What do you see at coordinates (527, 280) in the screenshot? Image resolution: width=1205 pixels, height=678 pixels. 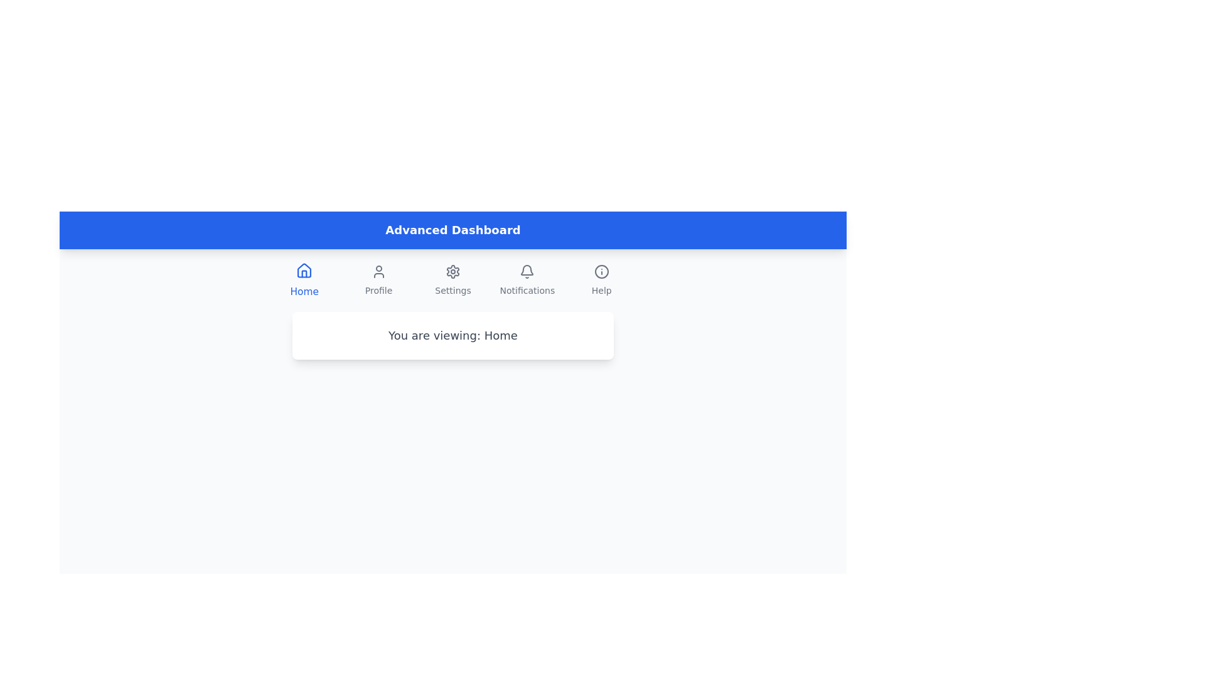 I see `the 'Notifications' button, which features a bell icon and a small gray text label` at bounding box center [527, 280].